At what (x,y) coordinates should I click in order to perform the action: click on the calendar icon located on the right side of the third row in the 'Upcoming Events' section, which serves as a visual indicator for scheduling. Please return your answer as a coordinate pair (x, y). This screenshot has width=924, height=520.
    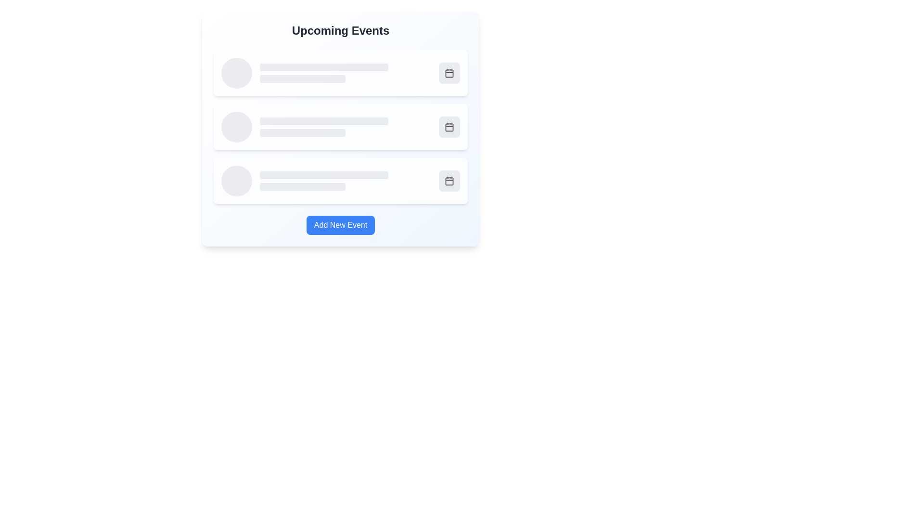
    Looking at the image, I should click on (449, 181).